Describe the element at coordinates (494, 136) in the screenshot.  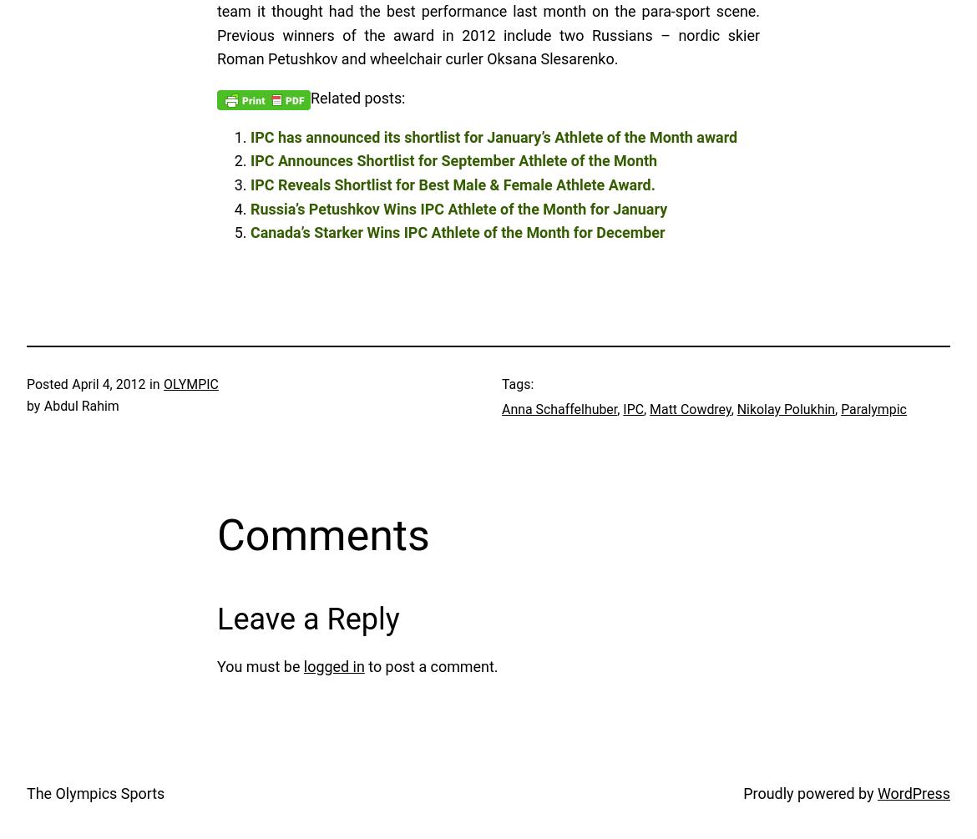
I see `'IPC has announced its shortlist for January’s Athlete of the Month award'` at that location.